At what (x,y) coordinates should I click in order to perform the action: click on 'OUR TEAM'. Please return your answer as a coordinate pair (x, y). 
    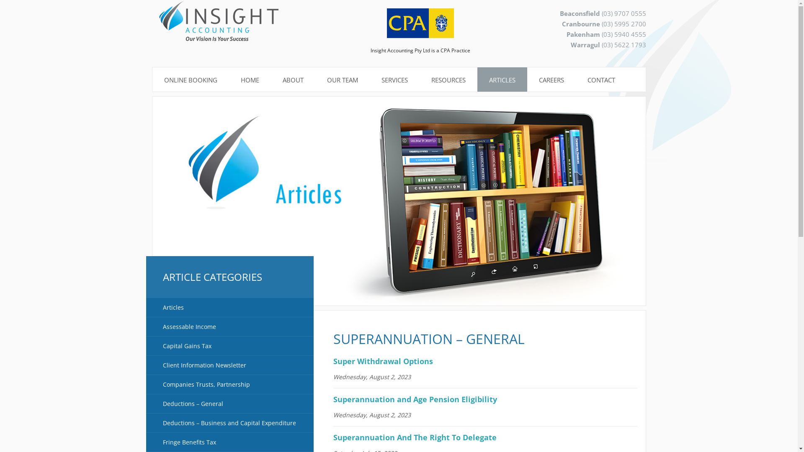
    Looking at the image, I should click on (342, 80).